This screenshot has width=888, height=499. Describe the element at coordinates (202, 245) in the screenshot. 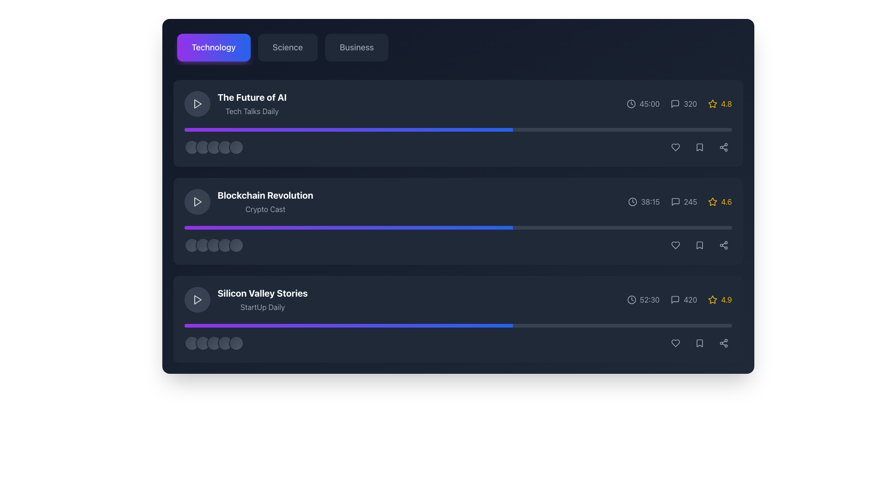

I see `the second circle icon in the horizontal sequence located below the 'Blockchain Revolution' text and the purple progress bar` at that location.